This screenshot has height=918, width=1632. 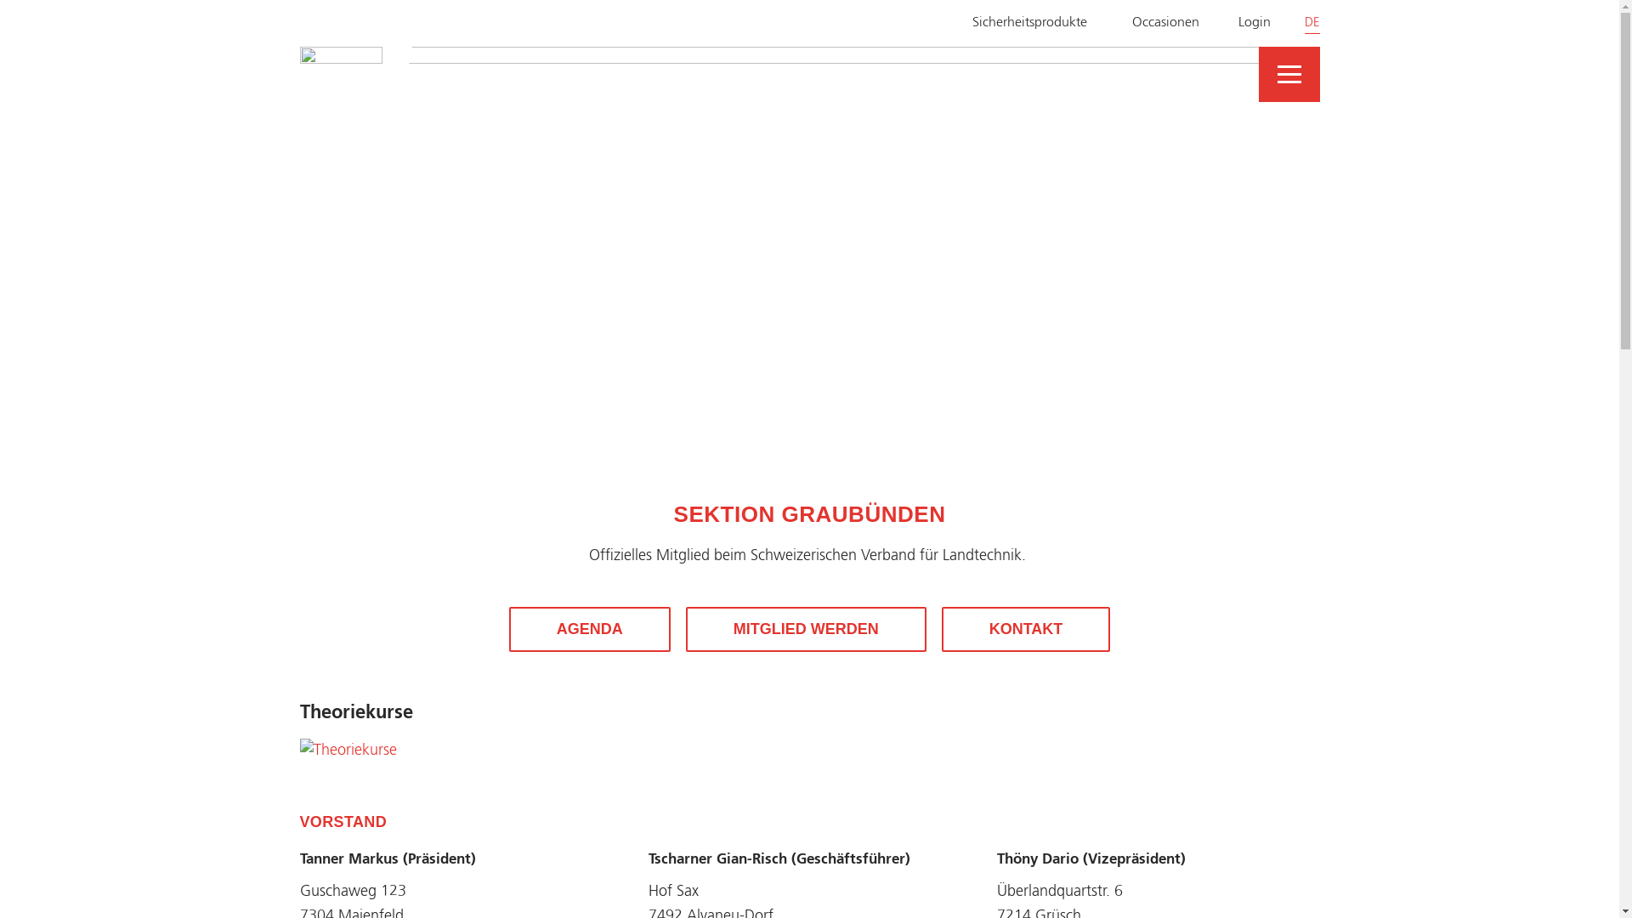 What do you see at coordinates (1243, 23) in the screenshot?
I see `'Login'` at bounding box center [1243, 23].